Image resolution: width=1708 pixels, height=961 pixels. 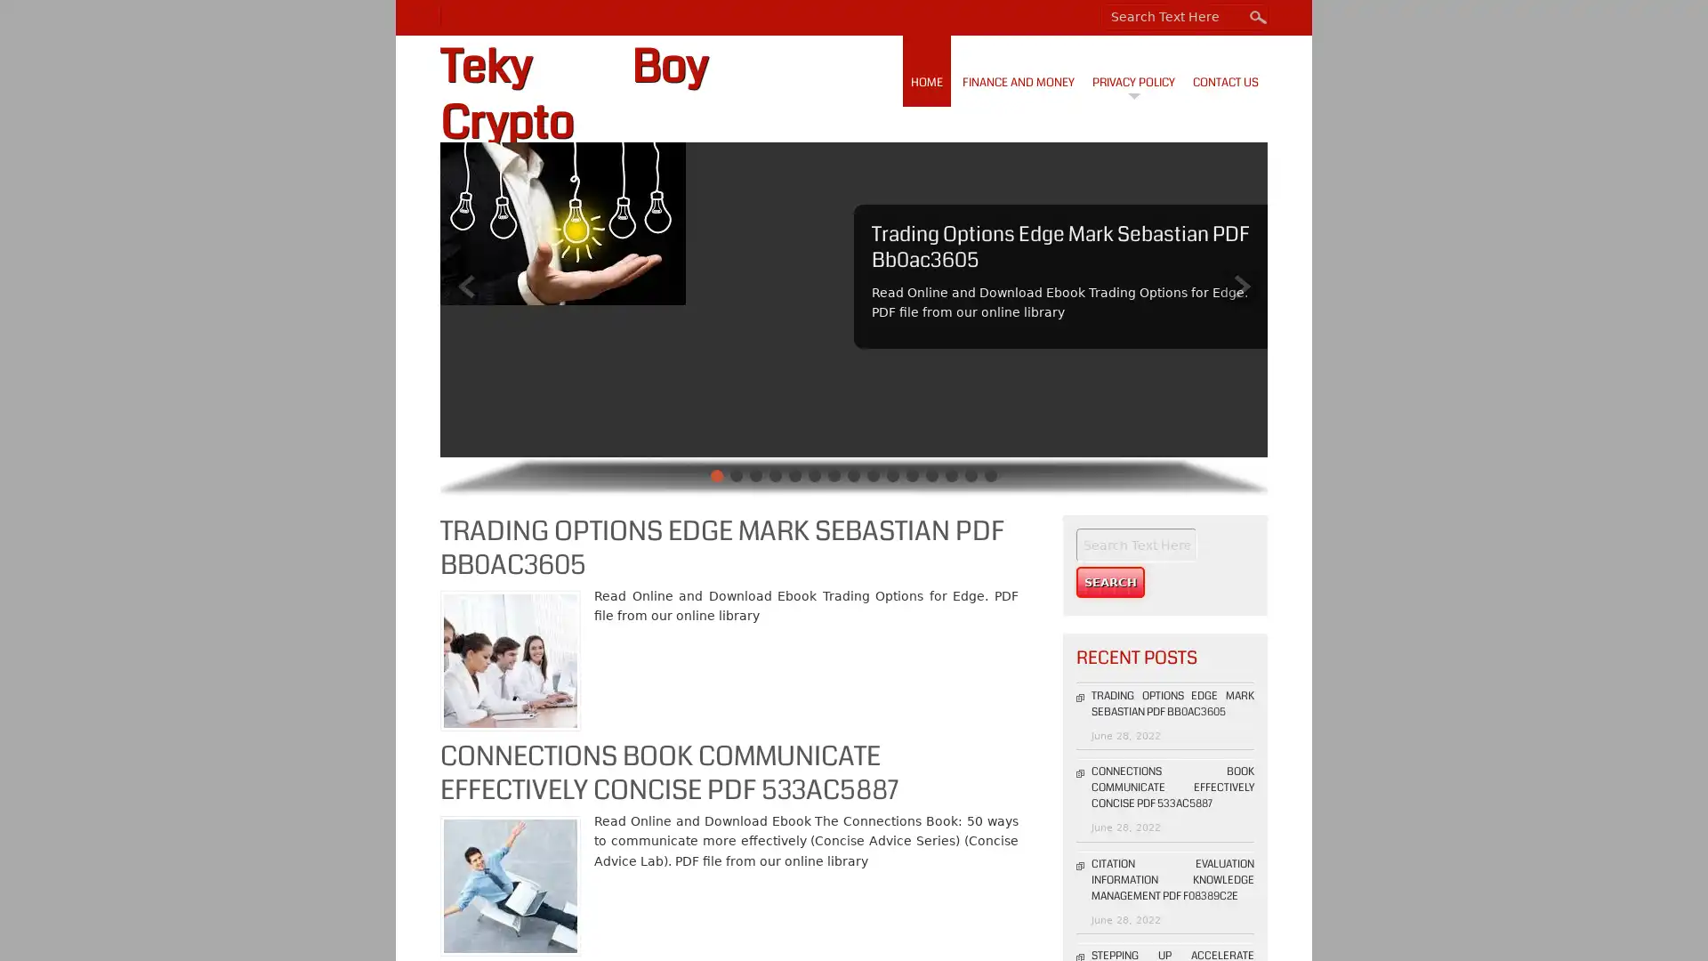 I want to click on Search, so click(x=1109, y=582).